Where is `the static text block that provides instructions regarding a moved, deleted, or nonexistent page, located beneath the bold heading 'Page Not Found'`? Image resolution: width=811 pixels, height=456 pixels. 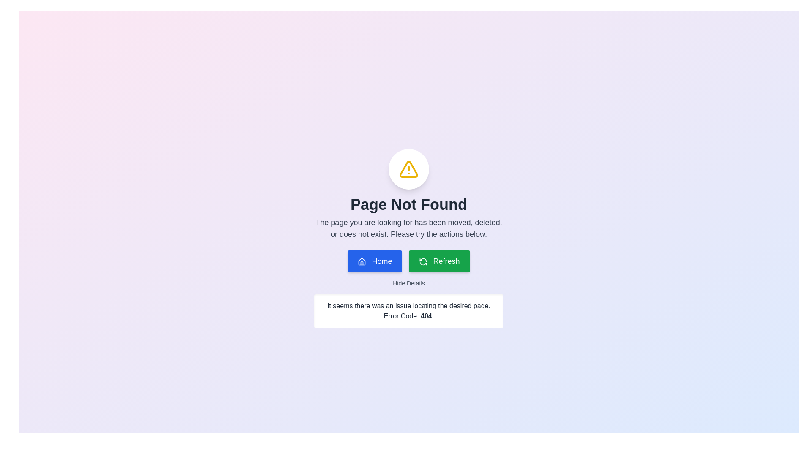
the static text block that provides instructions regarding a moved, deleted, or nonexistent page, located beneath the bold heading 'Page Not Found' is located at coordinates (409, 228).